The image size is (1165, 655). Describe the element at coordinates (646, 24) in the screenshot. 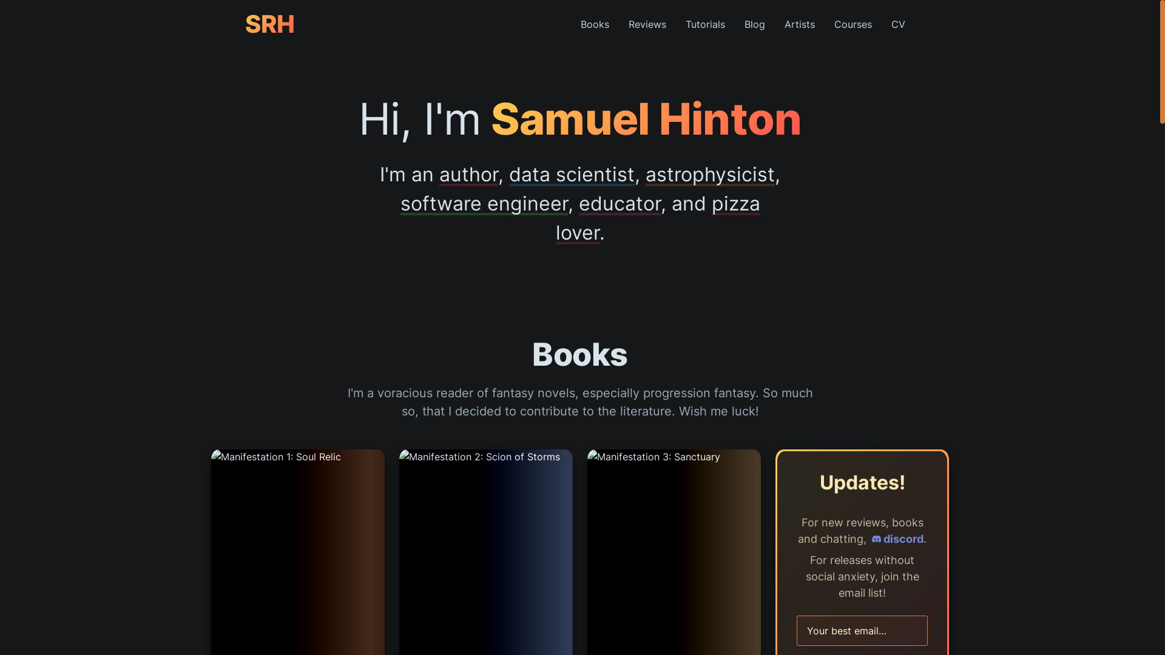

I see `'Reviews'` at that location.